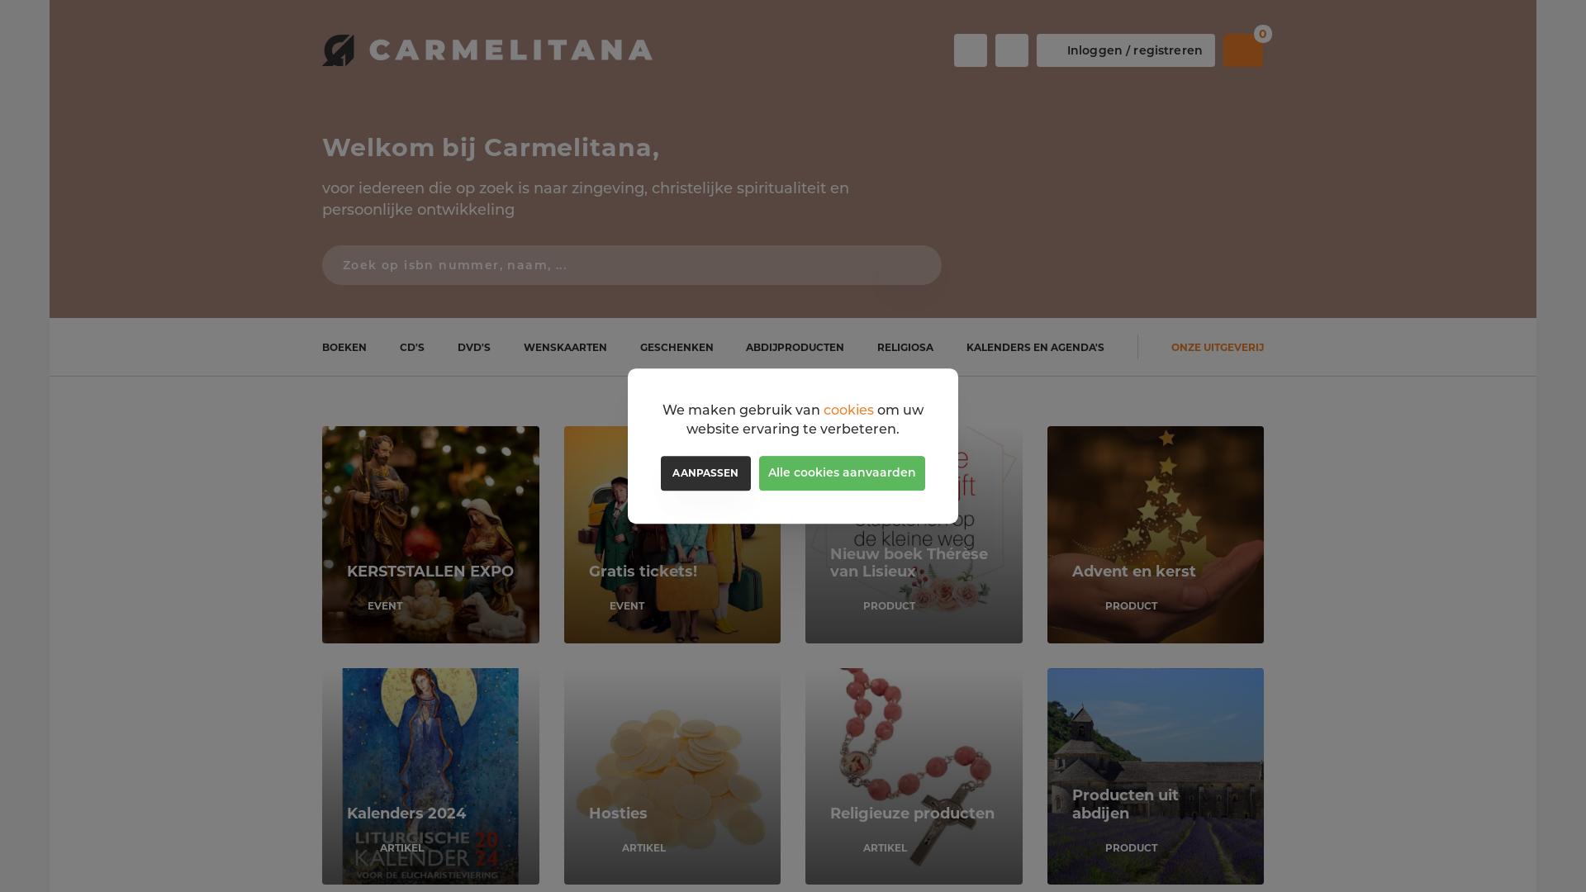  I want to click on 'AANPASSEN', so click(705, 473).